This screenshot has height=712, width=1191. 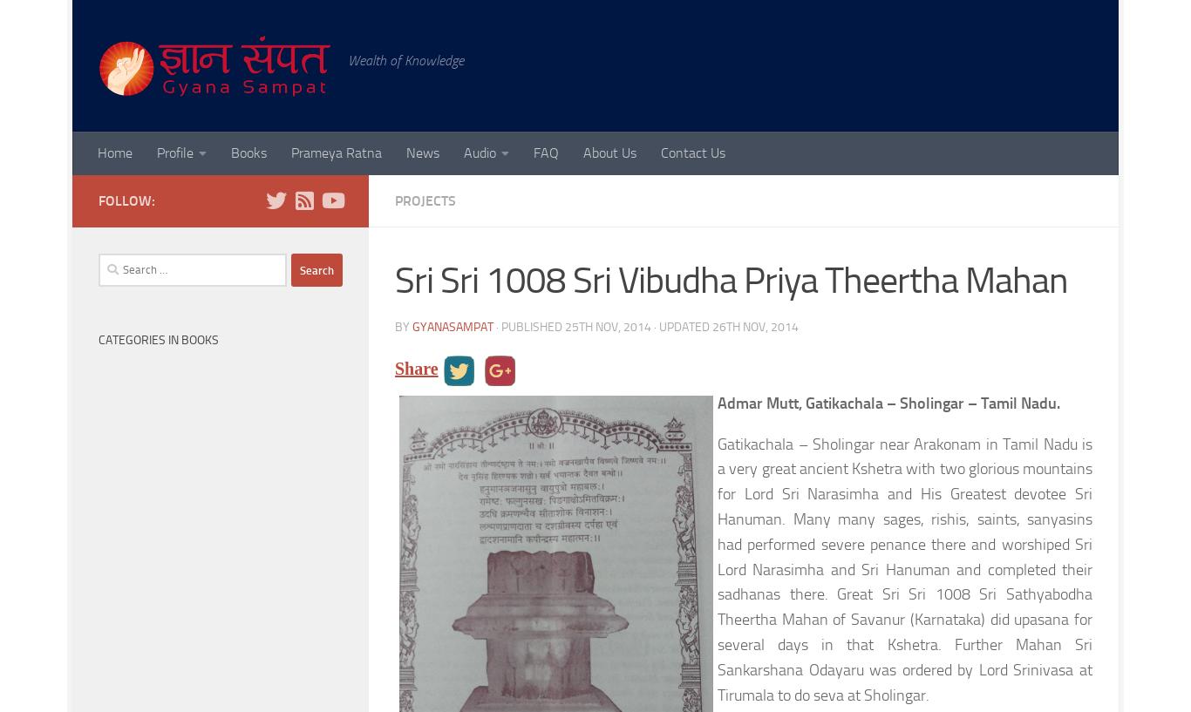 What do you see at coordinates (126, 200) in the screenshot?
I see `'Follow:'` at bounding box center [126, 200].